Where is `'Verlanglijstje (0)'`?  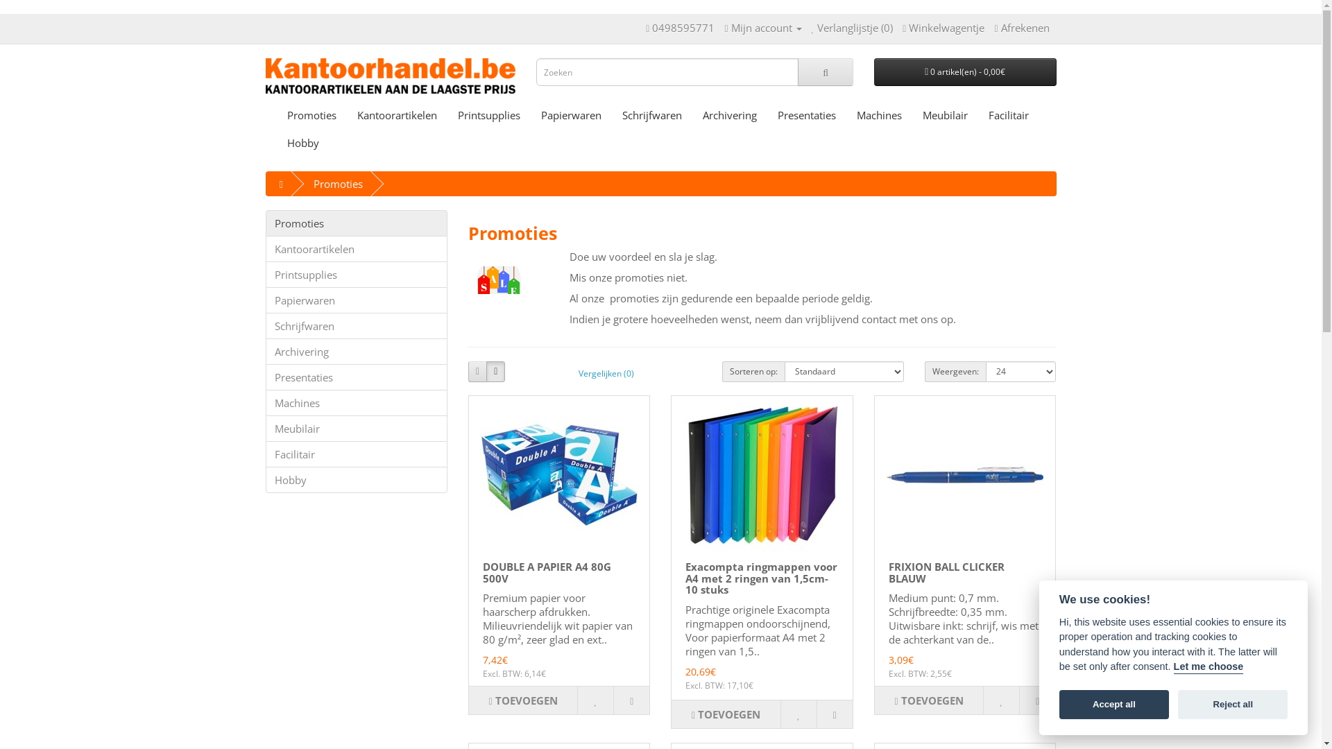
'Verlanglijstje (0)' is located at coordinates (851, 27).